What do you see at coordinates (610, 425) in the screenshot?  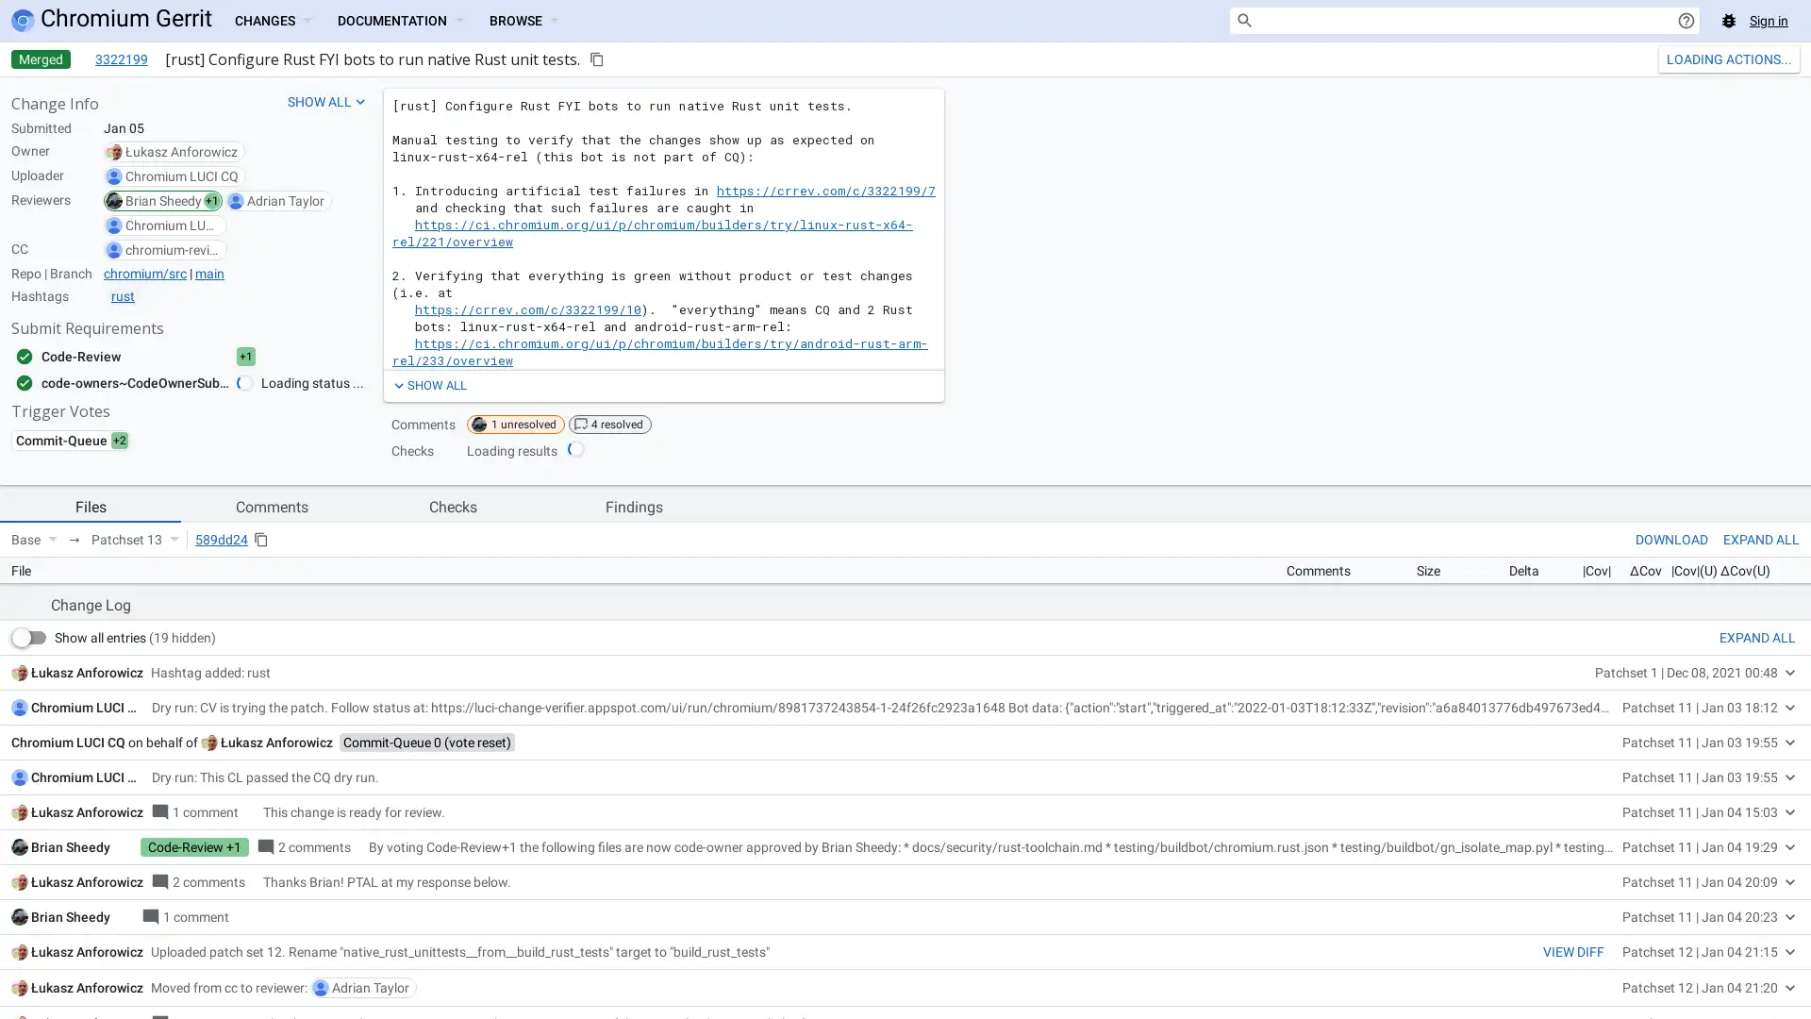 I see `4 resolved` at bounding box center [610, 425].